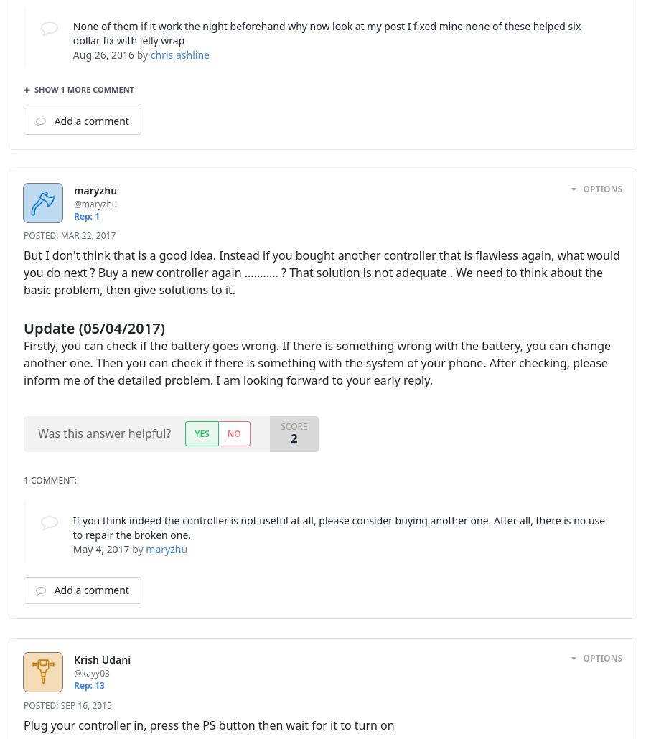 The image size is (646, 739). Describe the element at coordinates (95, 202) in the screenshot. I see `'@maryzhu'` at that location.